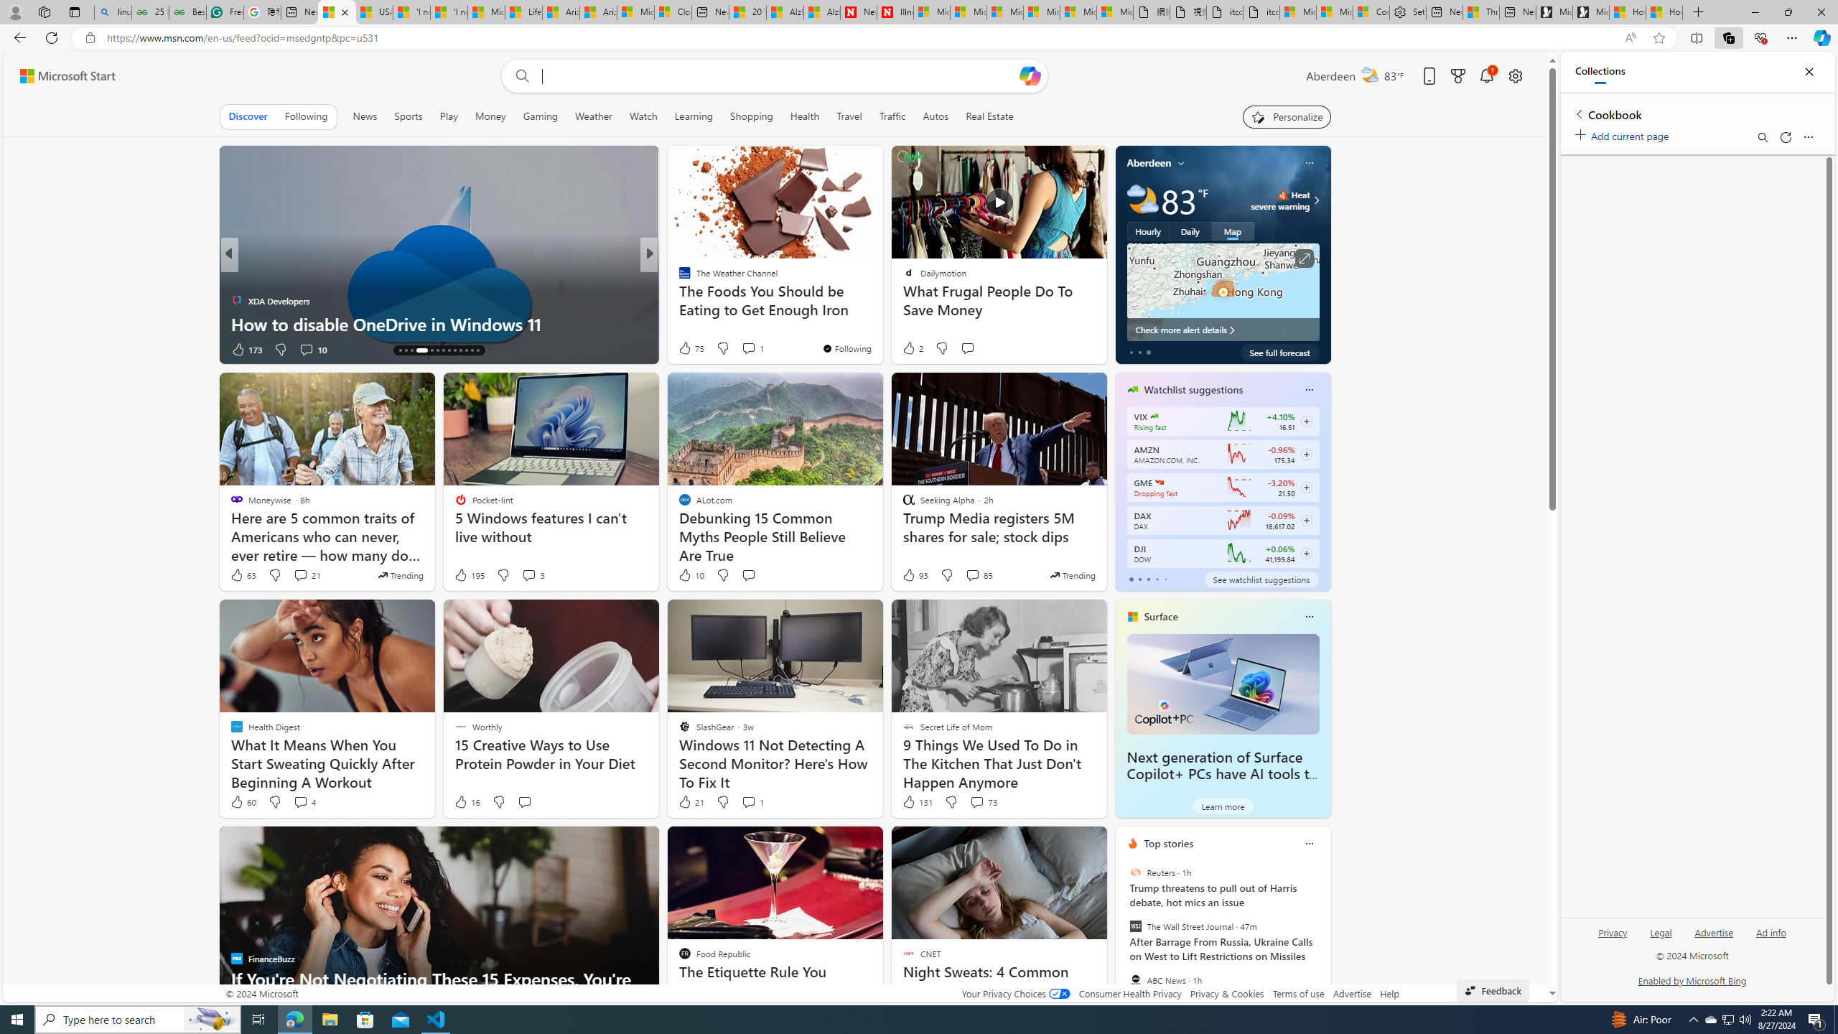 The image size is (1838, 1034). What do you see at coordinates (1279, 352) in the screenshot?
I see `'See full forecast'` at bounding box center [1279, 352].